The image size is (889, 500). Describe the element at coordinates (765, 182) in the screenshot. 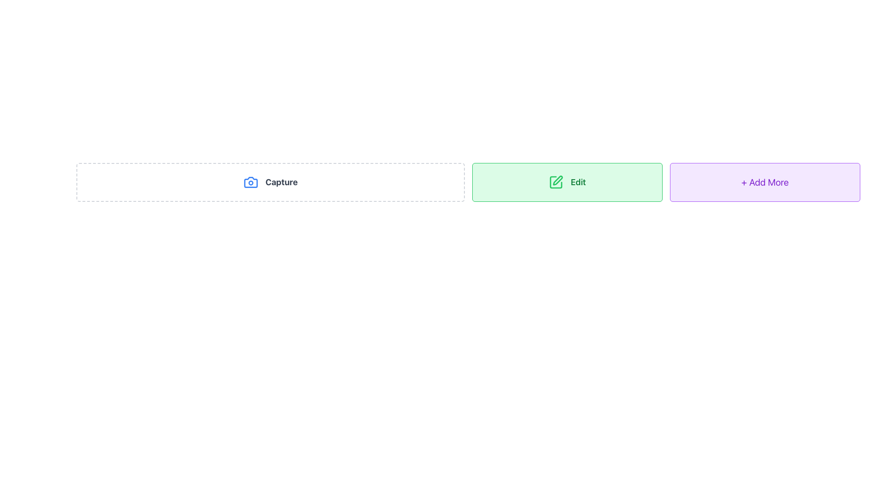

I see `text from the Text Label located on the right side of the interface, which is within a rectangular button-like structure and has a light purple background` at that location.